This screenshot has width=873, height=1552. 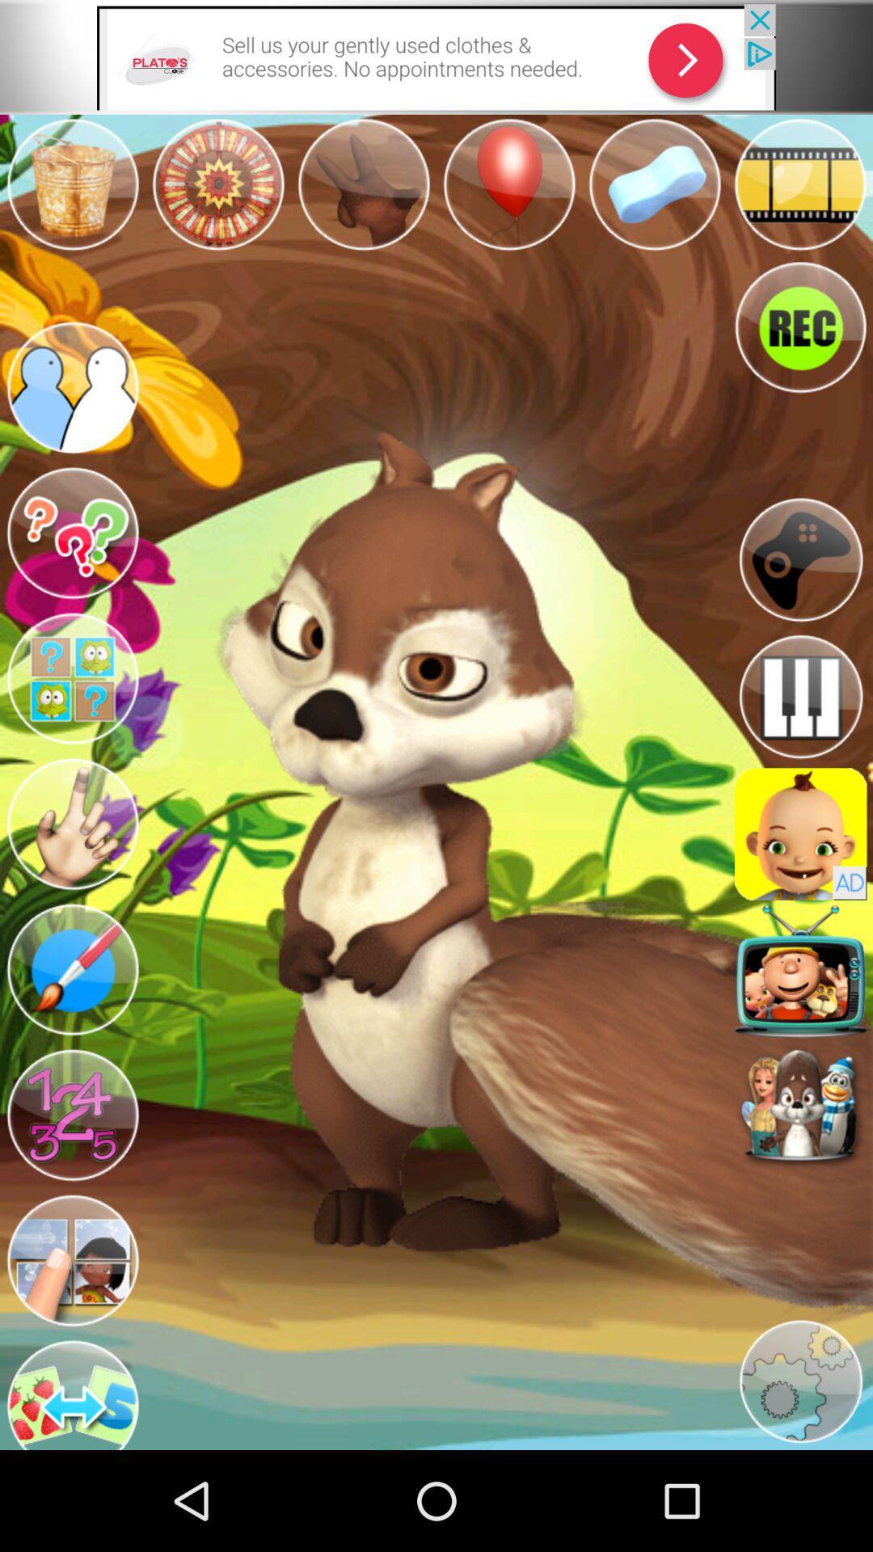 I want to click on character question, so click(x=71, y=679).